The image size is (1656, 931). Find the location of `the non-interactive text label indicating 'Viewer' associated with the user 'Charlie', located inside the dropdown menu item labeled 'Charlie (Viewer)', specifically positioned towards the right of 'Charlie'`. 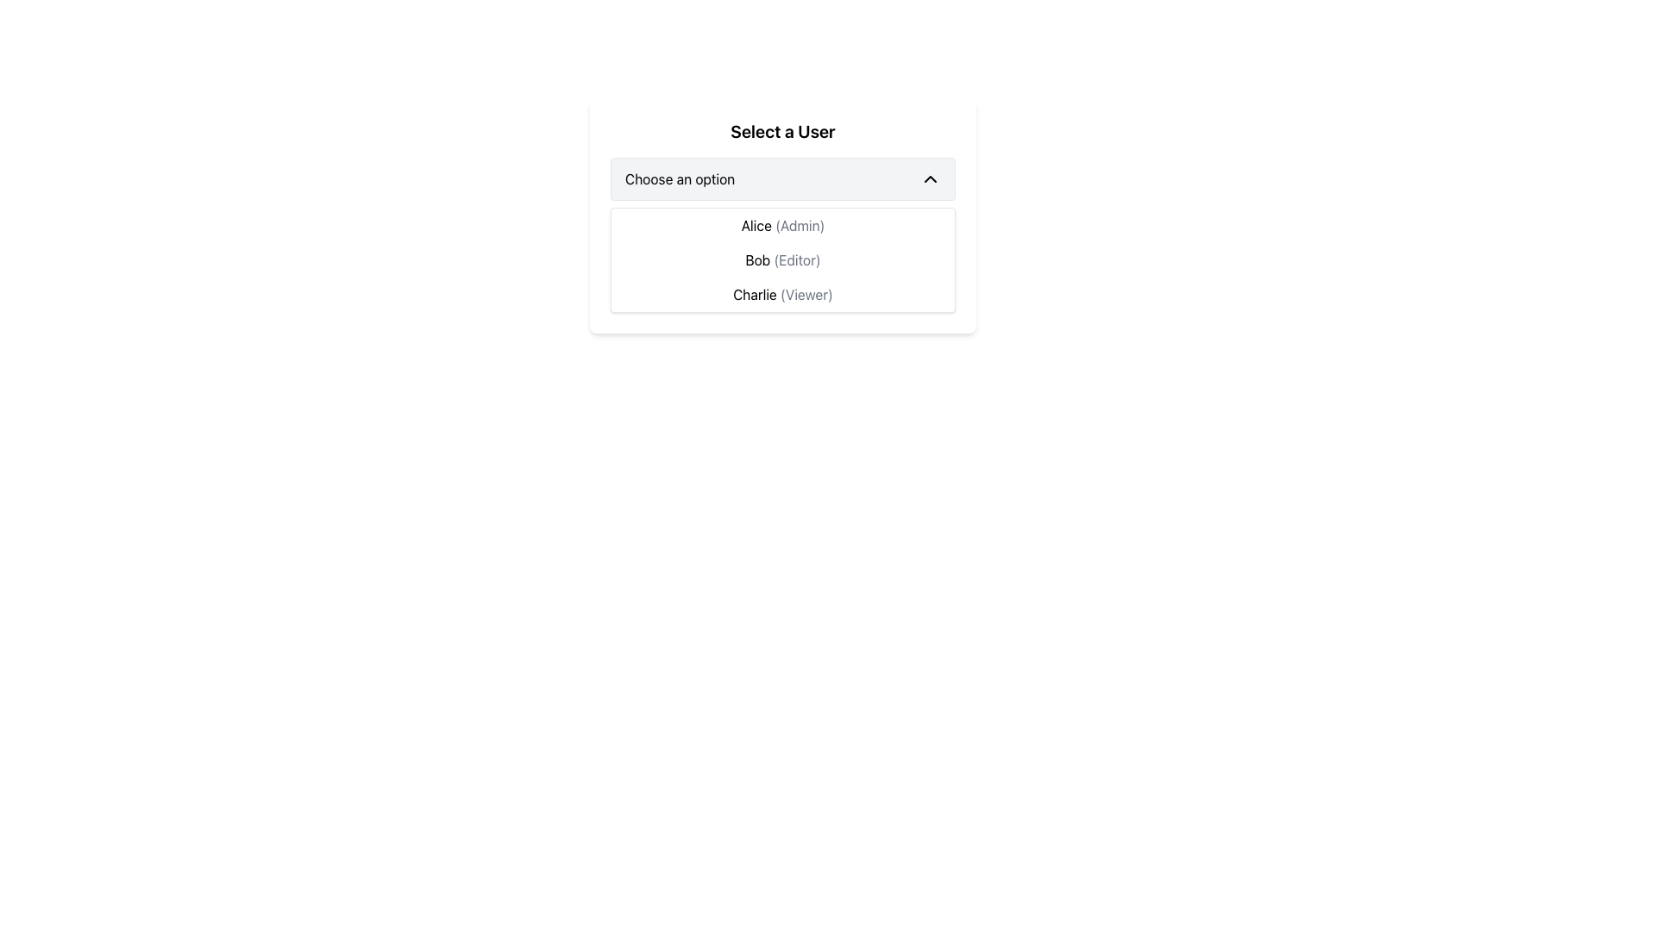

the non-interactive text label indicating 'Viewer' associated with the user 'Charlie', located inside the dropdown menu item labeled 'Charlie (Viewer)', specifically positioned towards the right of 'Charlie' is located at coordinates (806, 294).